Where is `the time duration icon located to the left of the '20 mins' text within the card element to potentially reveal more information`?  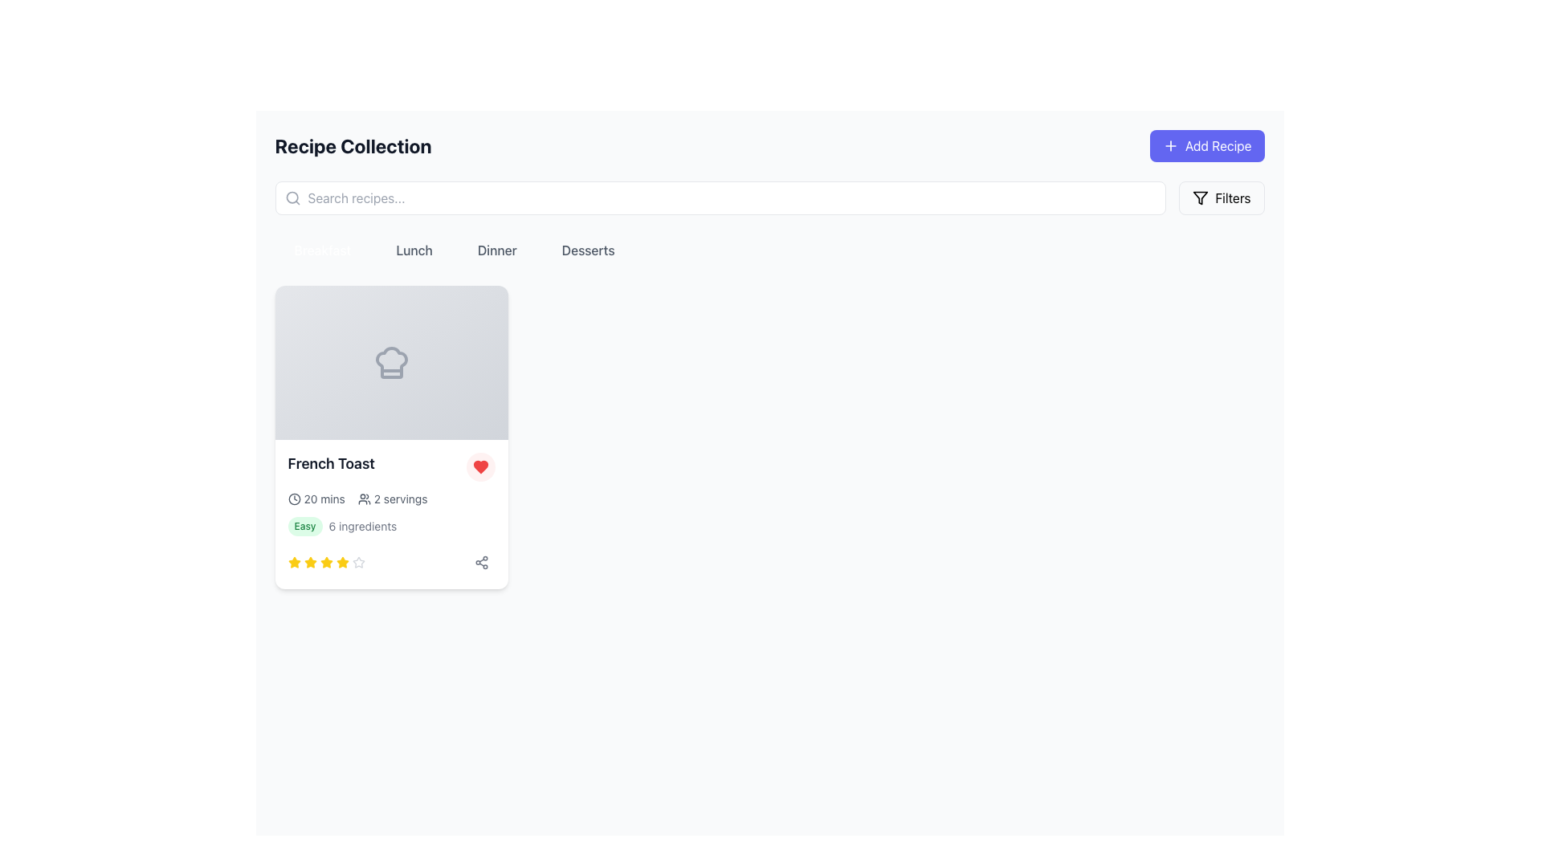
the time duration icon located to the left of the '20 mins' text within the card element to potentially reveal more information is located at coordinates (294, 498).